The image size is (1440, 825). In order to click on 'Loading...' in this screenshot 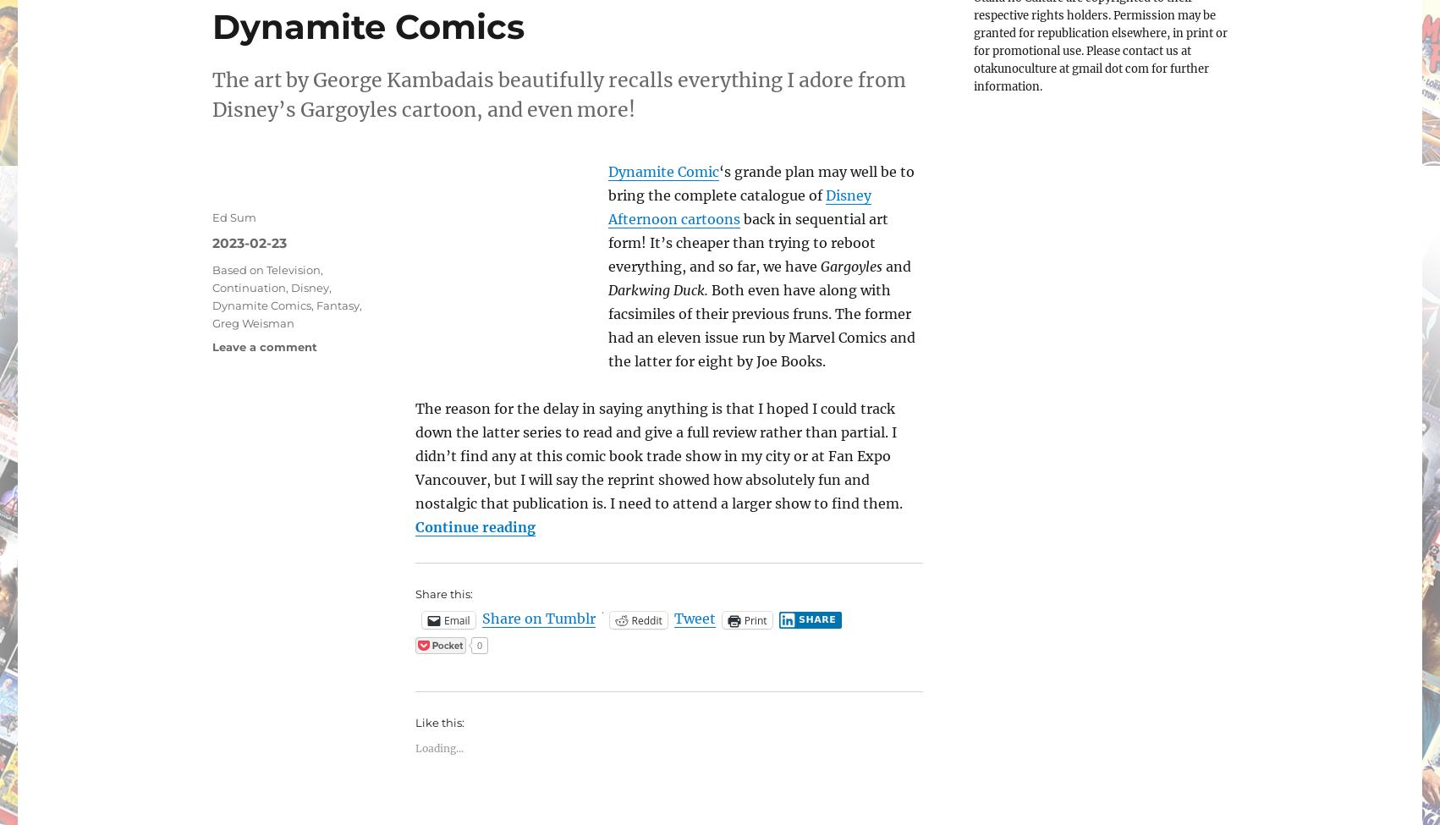, I will do `click(415, 747)`.